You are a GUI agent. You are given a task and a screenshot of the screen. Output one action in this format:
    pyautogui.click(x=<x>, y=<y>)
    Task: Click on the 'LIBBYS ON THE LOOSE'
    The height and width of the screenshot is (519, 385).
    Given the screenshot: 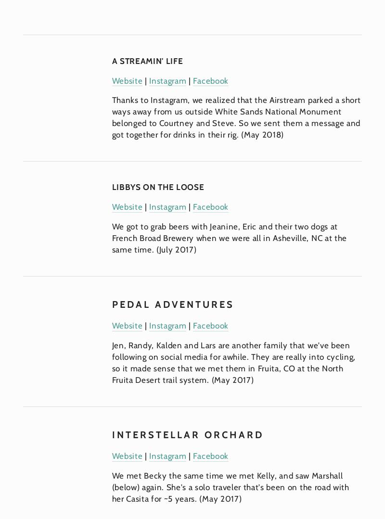 What is the action you would take?
    pyautogui.click(x=157, y=186)
    